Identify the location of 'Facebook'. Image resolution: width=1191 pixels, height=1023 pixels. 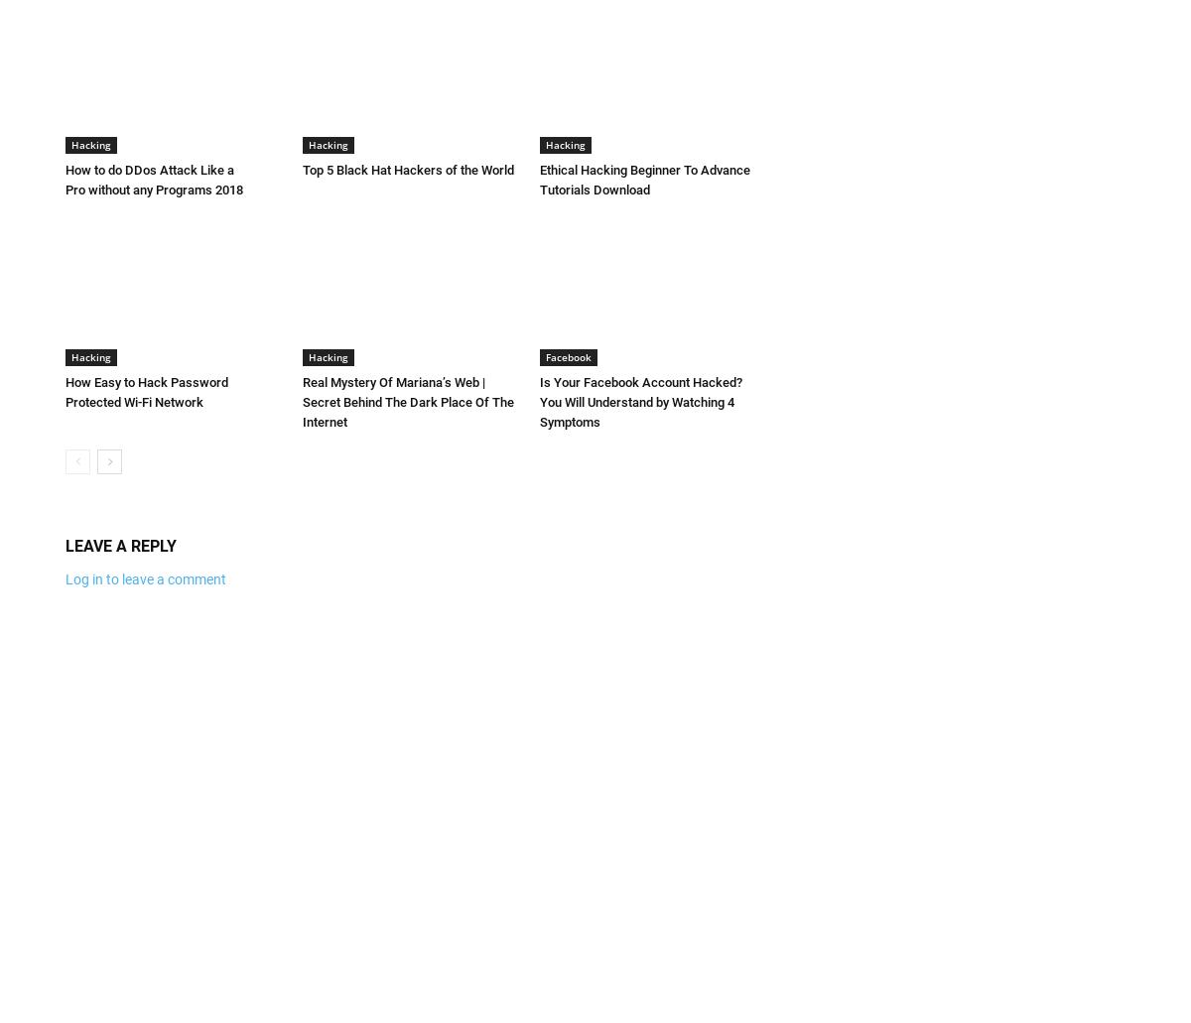
(568, 354).